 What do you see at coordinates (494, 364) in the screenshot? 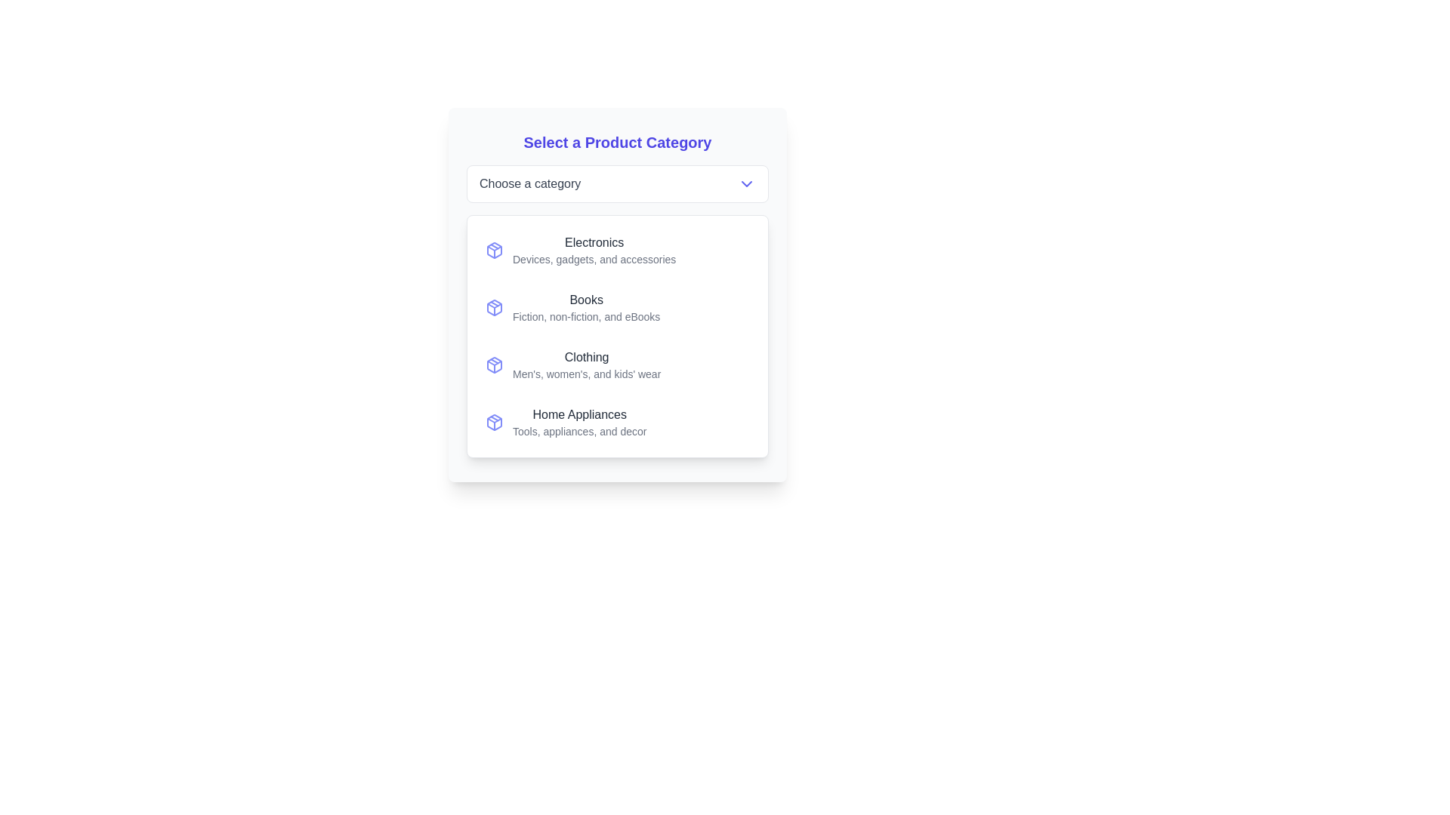
I see `the indigo outlined package icon located to the left of the 'Clothing' text label in the second position of the vertical list` at bounding box center [494, 364].